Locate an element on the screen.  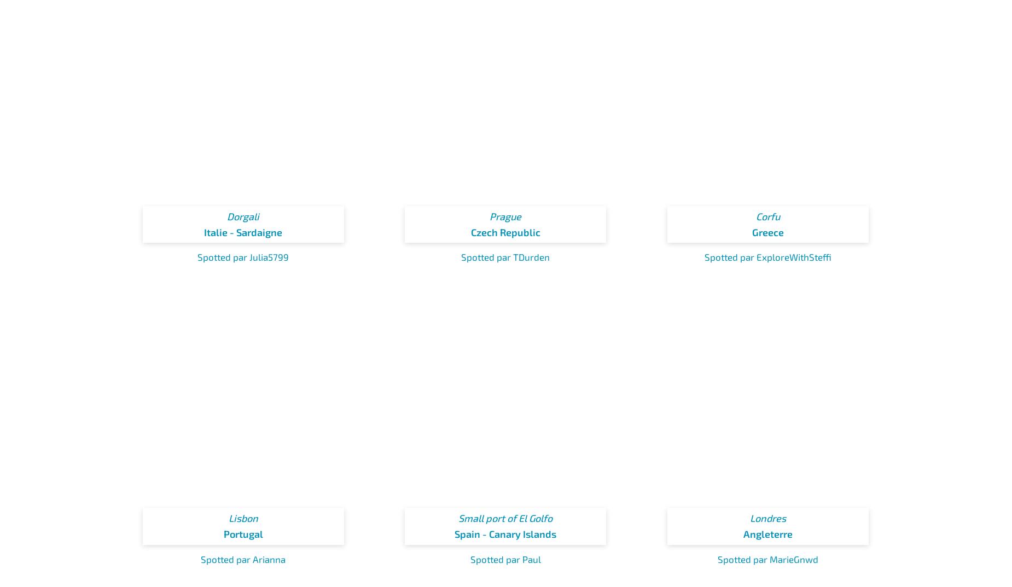
'Lisbon' is located at coordinates (227, 518).